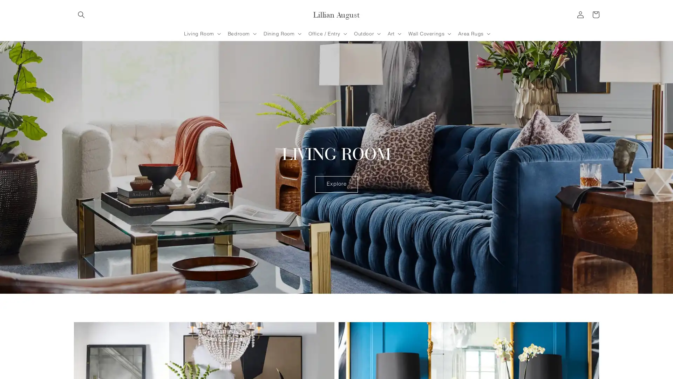 The width and height of the screenshot is (673, 379). I want to click on Area Rugs, so click(473, 33).